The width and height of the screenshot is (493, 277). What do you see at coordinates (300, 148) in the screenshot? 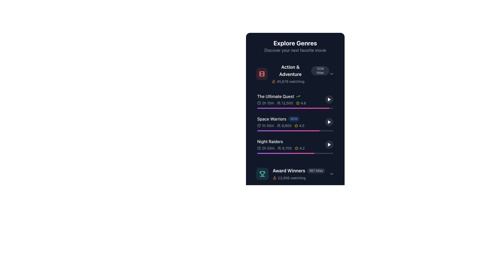
I see `the Rating display for the 'Night Raiders' movie, which shows the star icon and numeric rating value, located to the right of the 'Award Winners' section` at bounding box center [300, 148].